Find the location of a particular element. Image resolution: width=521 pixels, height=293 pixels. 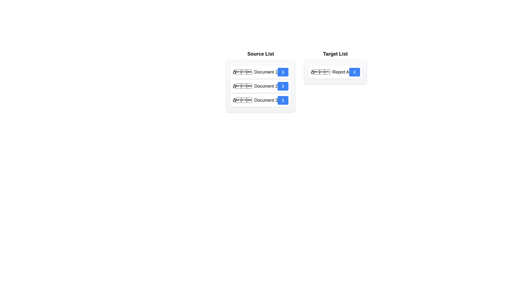

transfer button for the item Report A in the Target List to move it back to the Source List is located at coordinates (354, 72).